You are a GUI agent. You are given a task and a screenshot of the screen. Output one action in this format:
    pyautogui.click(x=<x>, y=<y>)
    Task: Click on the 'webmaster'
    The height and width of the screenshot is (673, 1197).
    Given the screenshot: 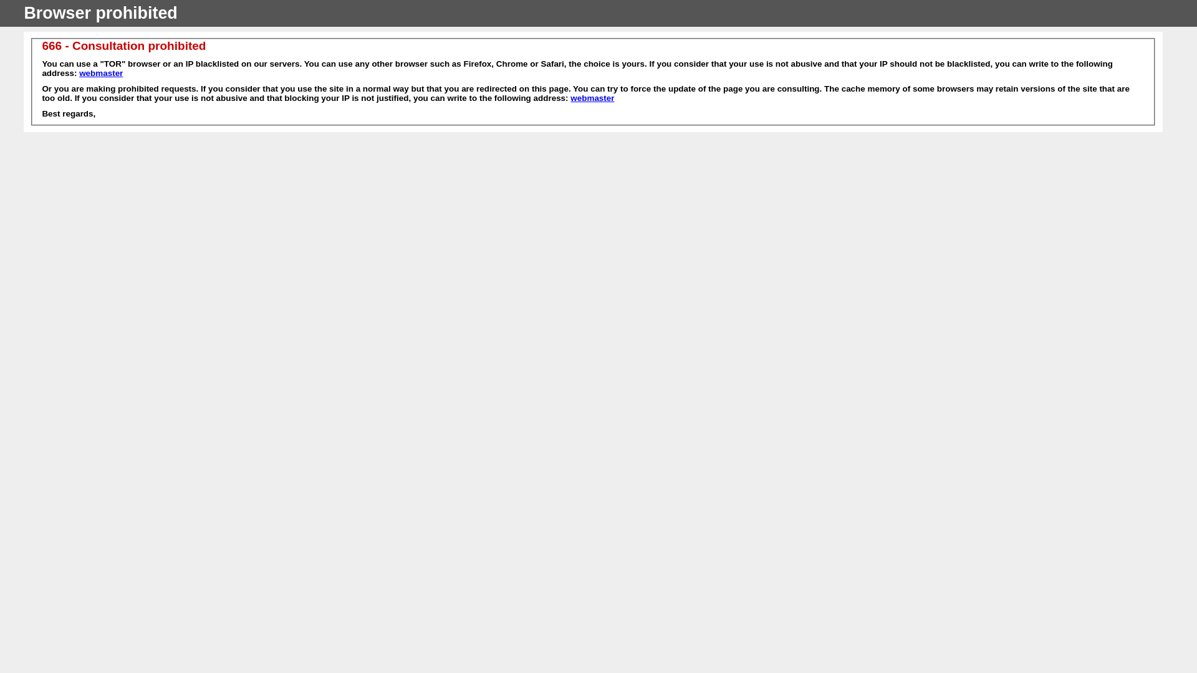 What is the action you would take?
    pyautogui.click(x=101, y=73)
    